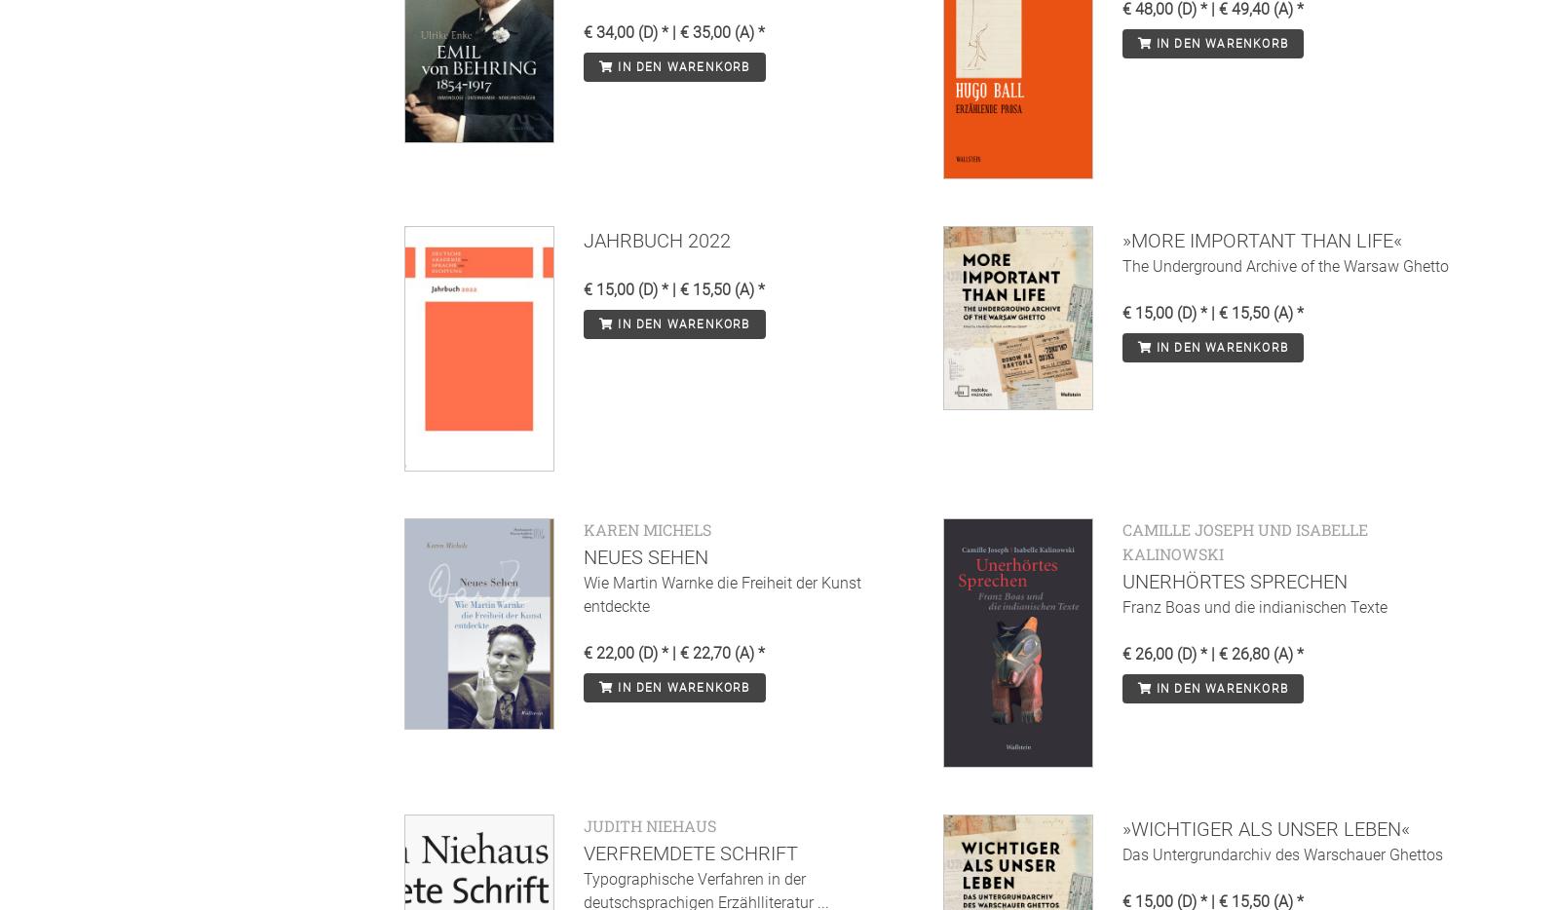 Image resolution: width=1559 pixels, height=910 pixels. Describe the element at coordinates (583, 651) in the screenshot. I see `'€ 22,00 (D) * | € 22,70 (A) *'` at that location.